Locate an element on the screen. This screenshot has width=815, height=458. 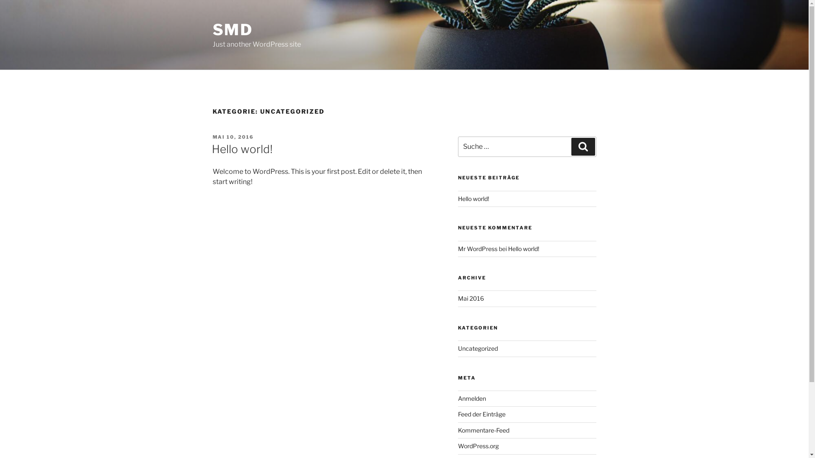
'SMD' is located at coordinates (232, 29).